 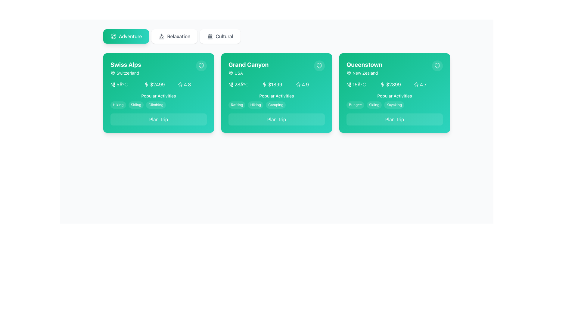 What do you see at coordinates (393, 85) in the screenshot?
I see `the static text element displaying the price for the service related to the 'Queenstown' card, located in the middle of the third card` at bounding box center [393, 85].